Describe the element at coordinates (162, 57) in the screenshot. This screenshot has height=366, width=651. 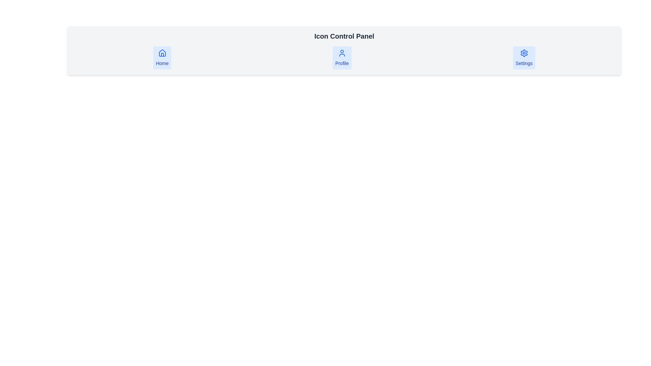
I see `the rectangular button labeled 'Home' with a house icon` at that location.